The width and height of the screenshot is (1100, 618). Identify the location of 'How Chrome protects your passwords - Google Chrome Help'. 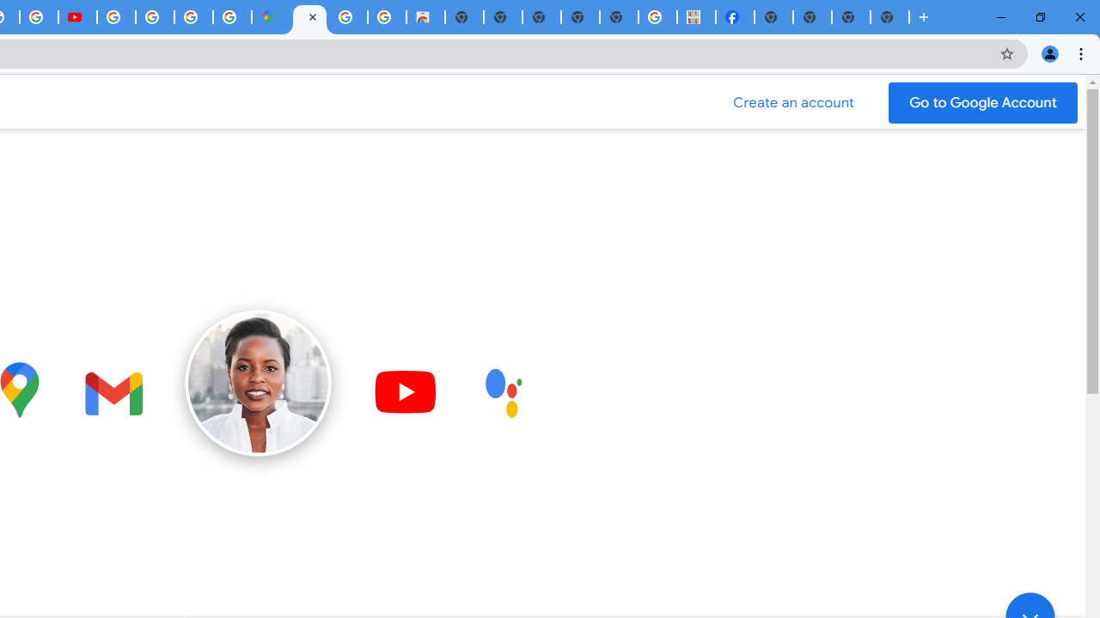
(115, 17).